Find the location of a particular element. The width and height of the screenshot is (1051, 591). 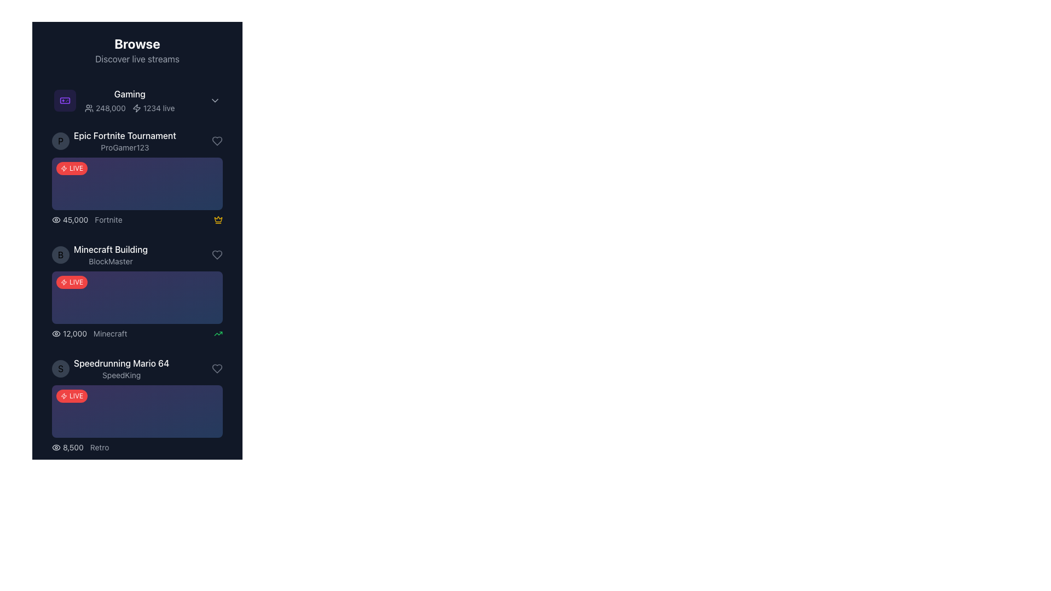

the heart-shaped favorite icon associated with the 'Minecraft Building' list entry to observe hover effects is located at coordinates (217, 141).